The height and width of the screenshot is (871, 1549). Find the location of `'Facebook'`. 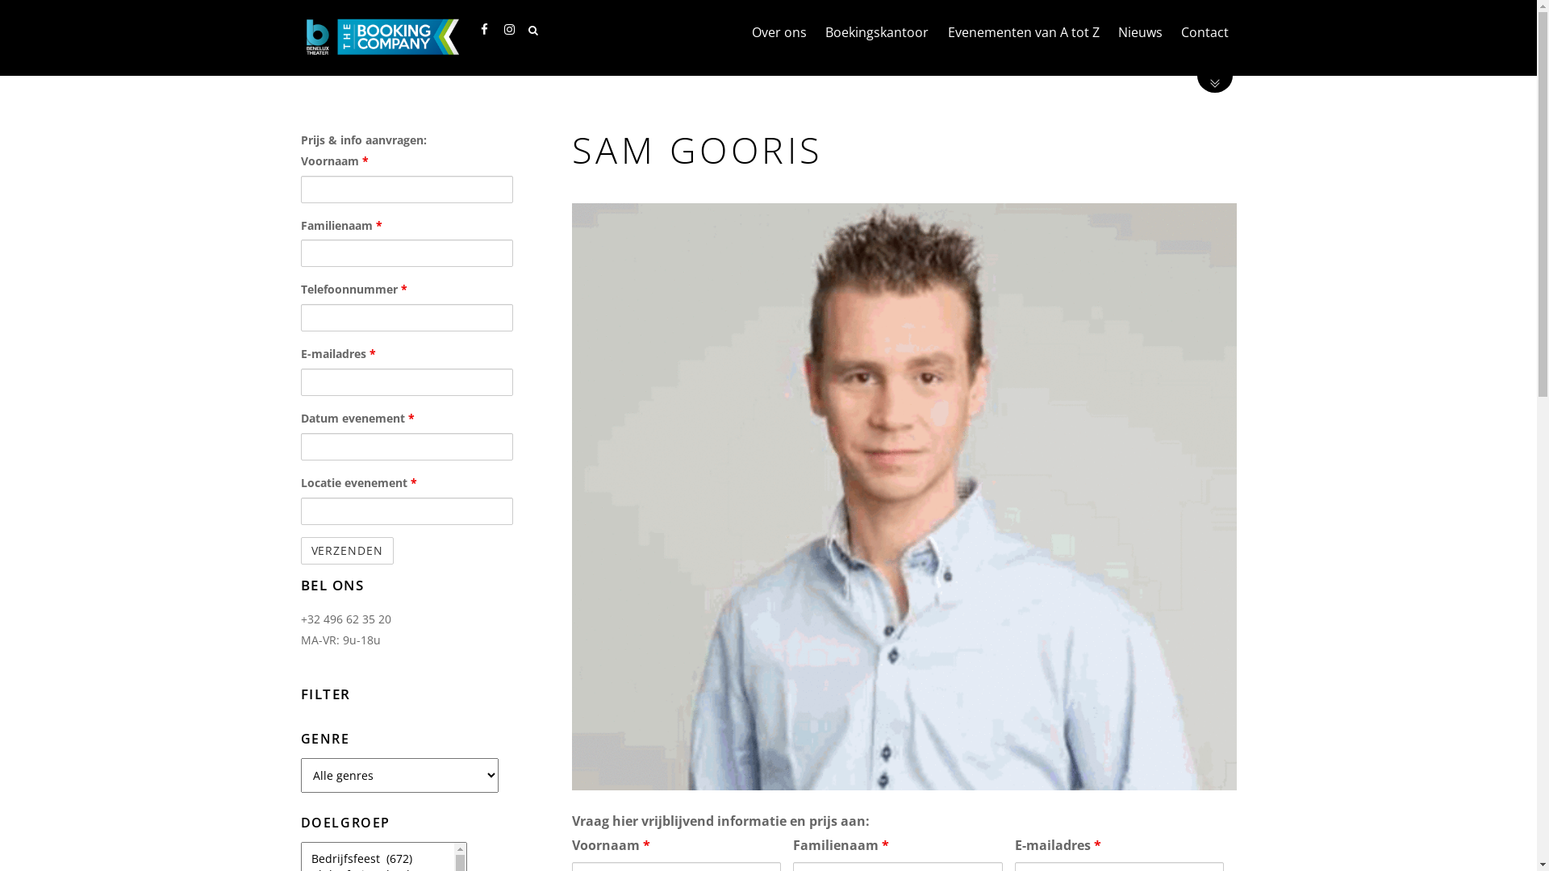

'Facebook' is located at coordinates (482, 27).